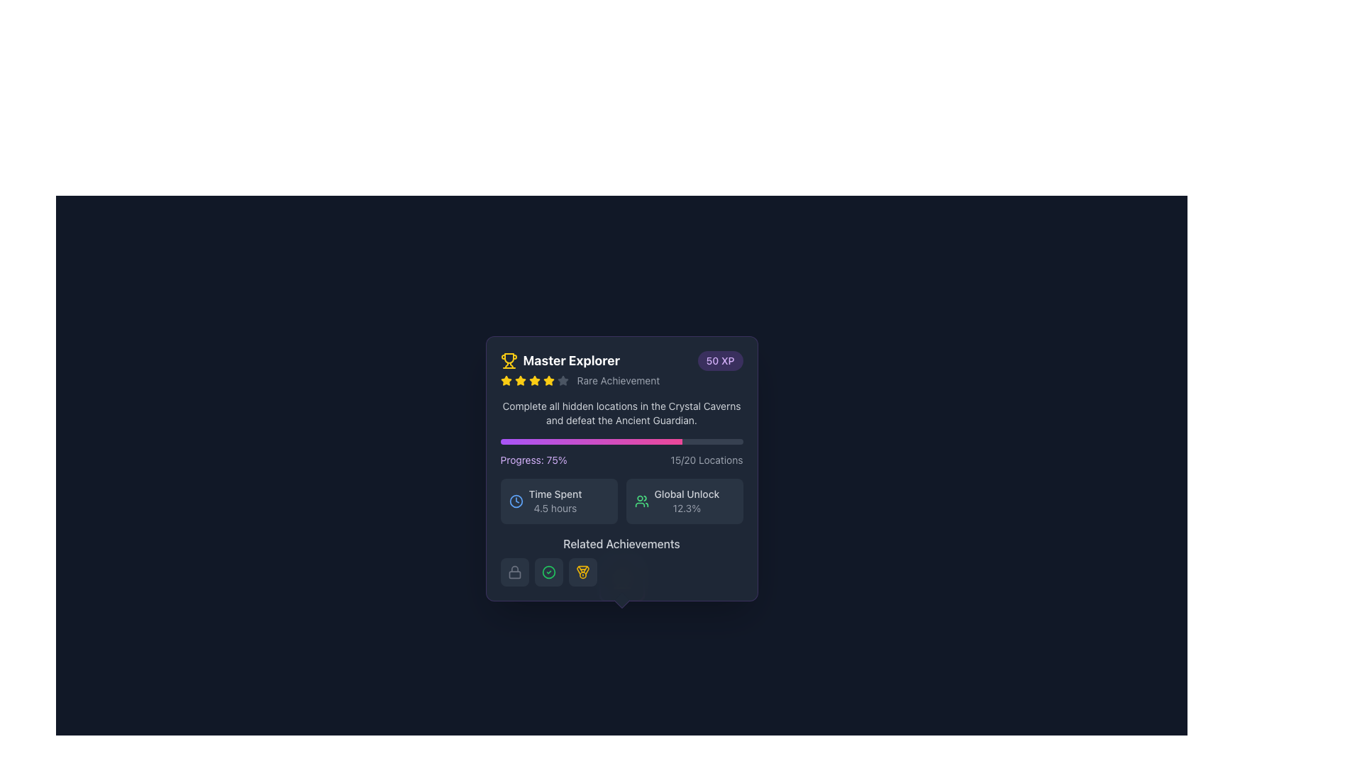 This screenshot has width=1362, height=766. What do you see at coordinates (641, 500) in the screenshot?
I see `the 'Global Unlock' icon located at the bottom right of the card component, which is to the left of the text 'Global Unlock' and shares space with the percentage value '12.3%` at bounding box center [641, 500].